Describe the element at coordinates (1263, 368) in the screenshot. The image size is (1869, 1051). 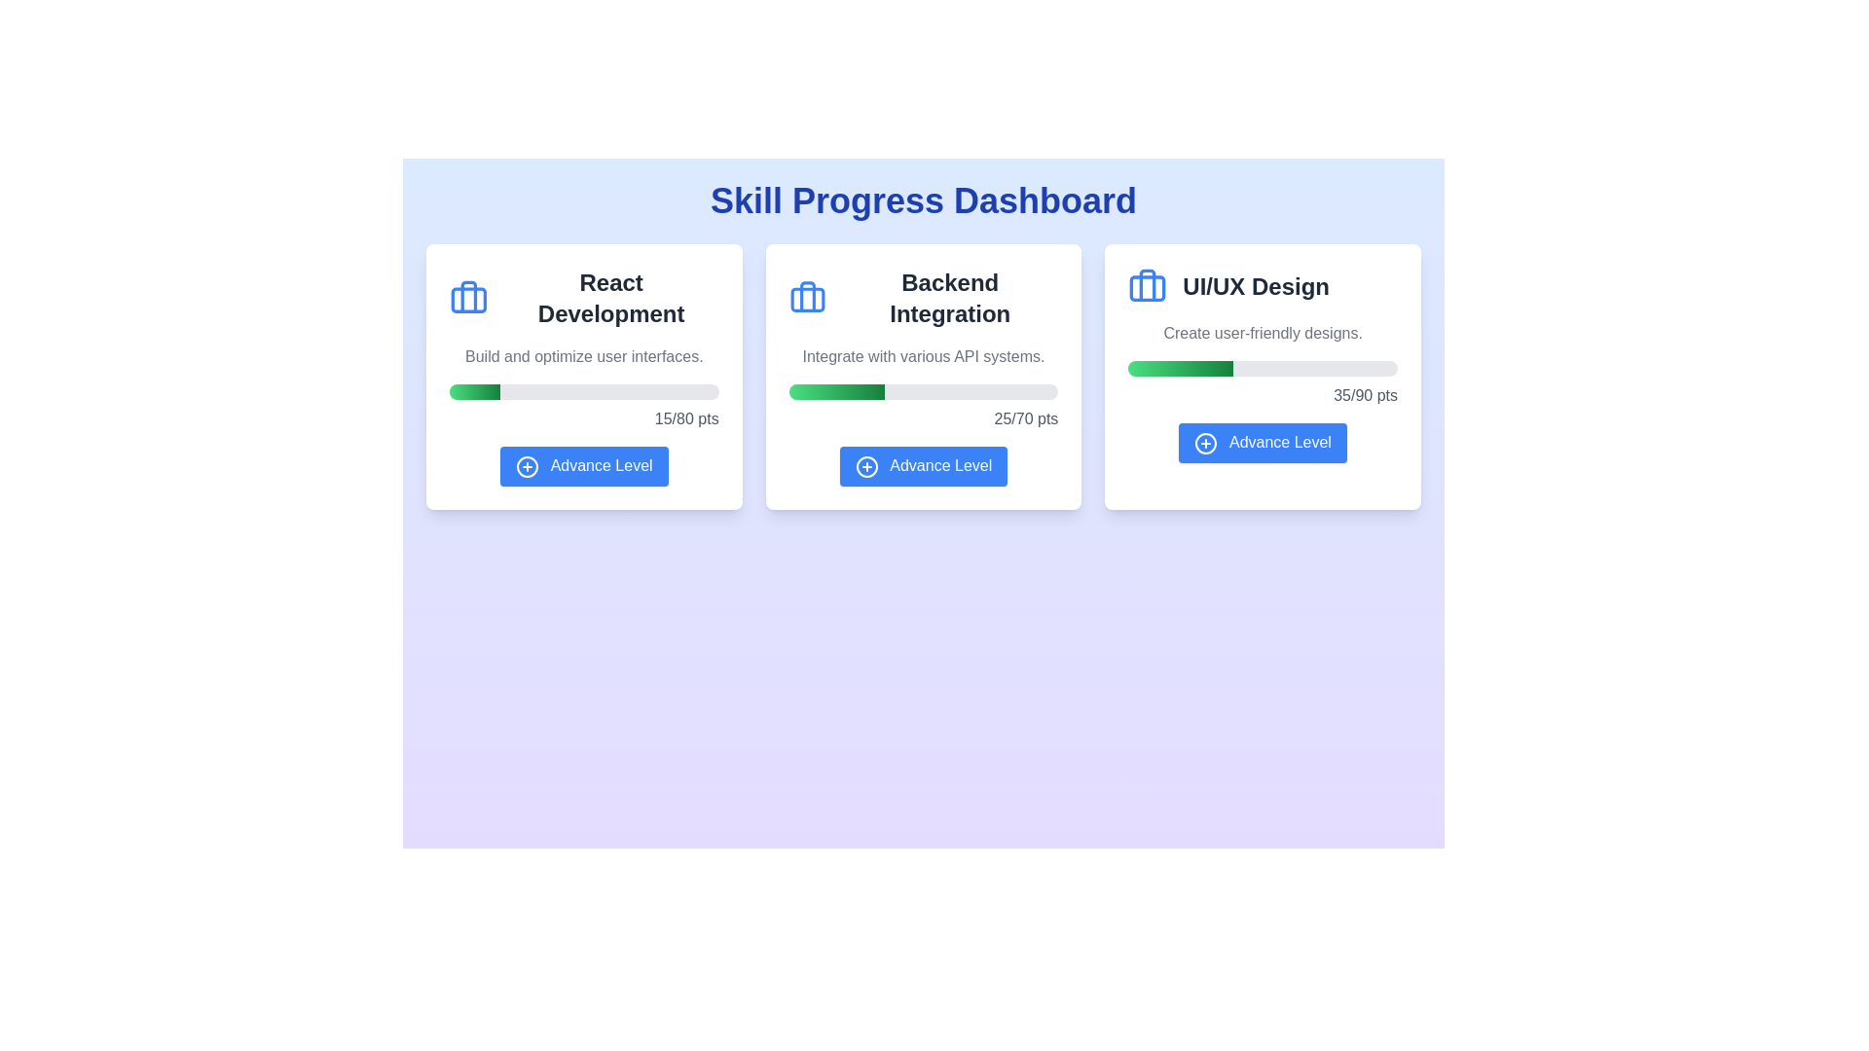
I see `the progress bar located in the 'UI/UX Design' card, which is directly above the text '35/90 pts'` at that location.